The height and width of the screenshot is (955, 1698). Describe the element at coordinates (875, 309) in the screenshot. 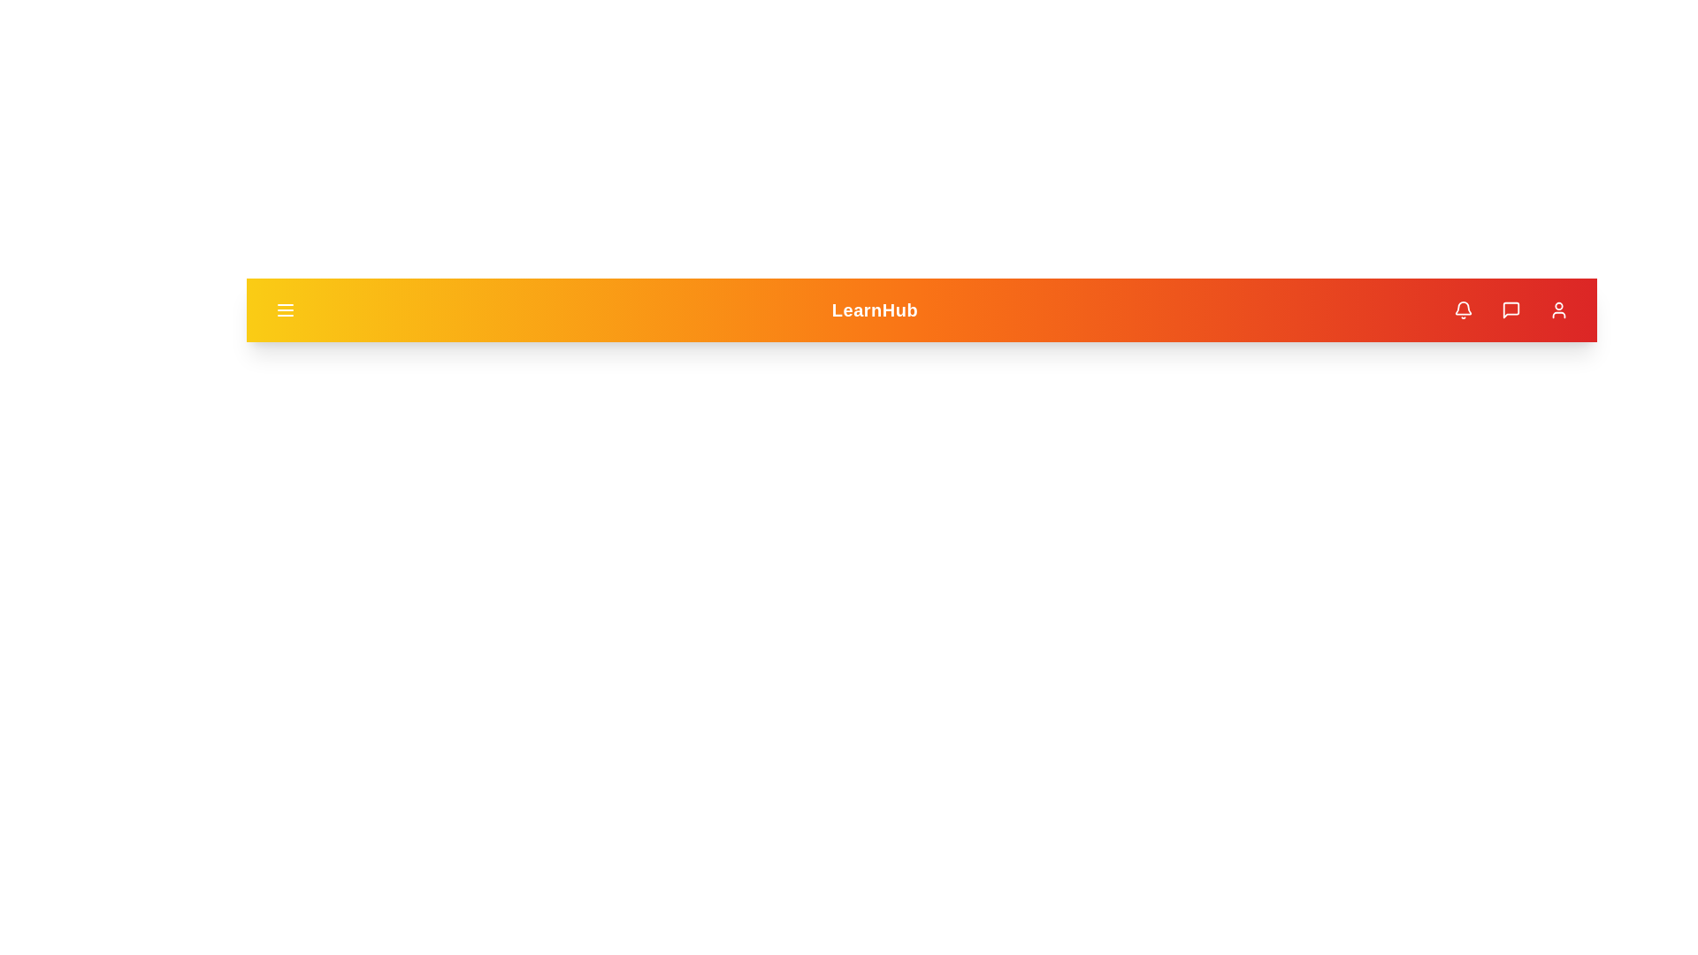

I see `the app title text 'LearnHub'` at that location.